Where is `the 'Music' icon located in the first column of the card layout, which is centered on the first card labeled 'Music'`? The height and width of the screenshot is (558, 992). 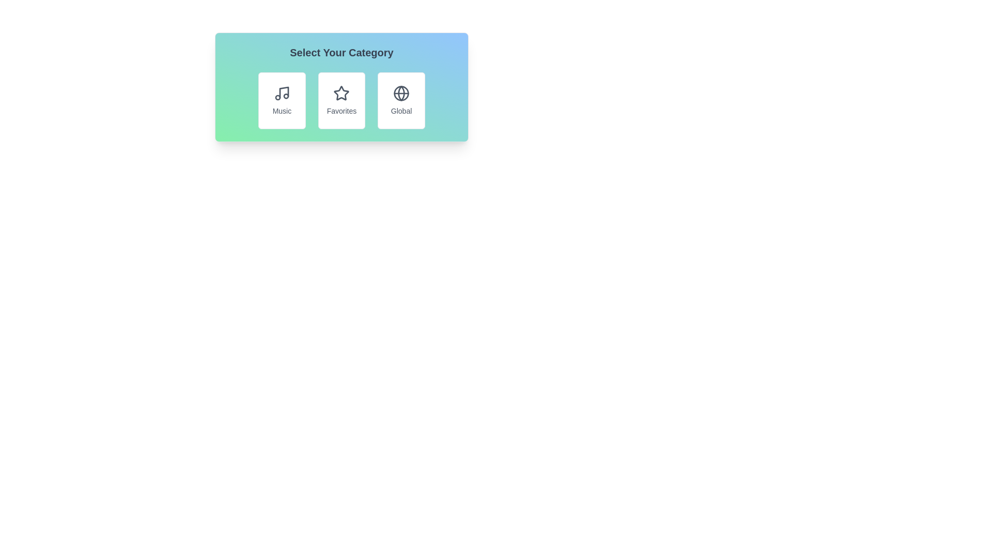 the 'Music' icon located in the first column of the card layout, which is centered on the first card labeled 'Music' is located at coordinates (282, 94).